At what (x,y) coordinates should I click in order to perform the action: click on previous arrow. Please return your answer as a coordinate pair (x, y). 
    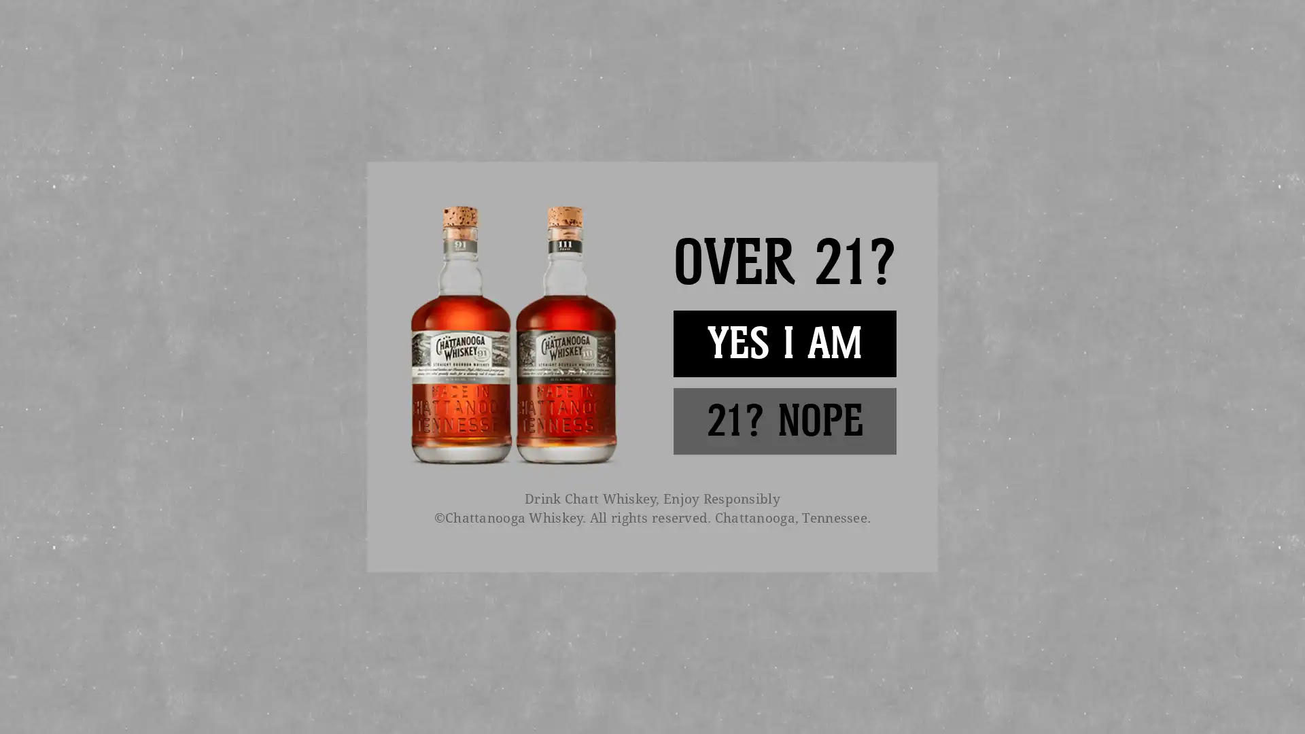
    Looking at the image, I should click on (20, 457).